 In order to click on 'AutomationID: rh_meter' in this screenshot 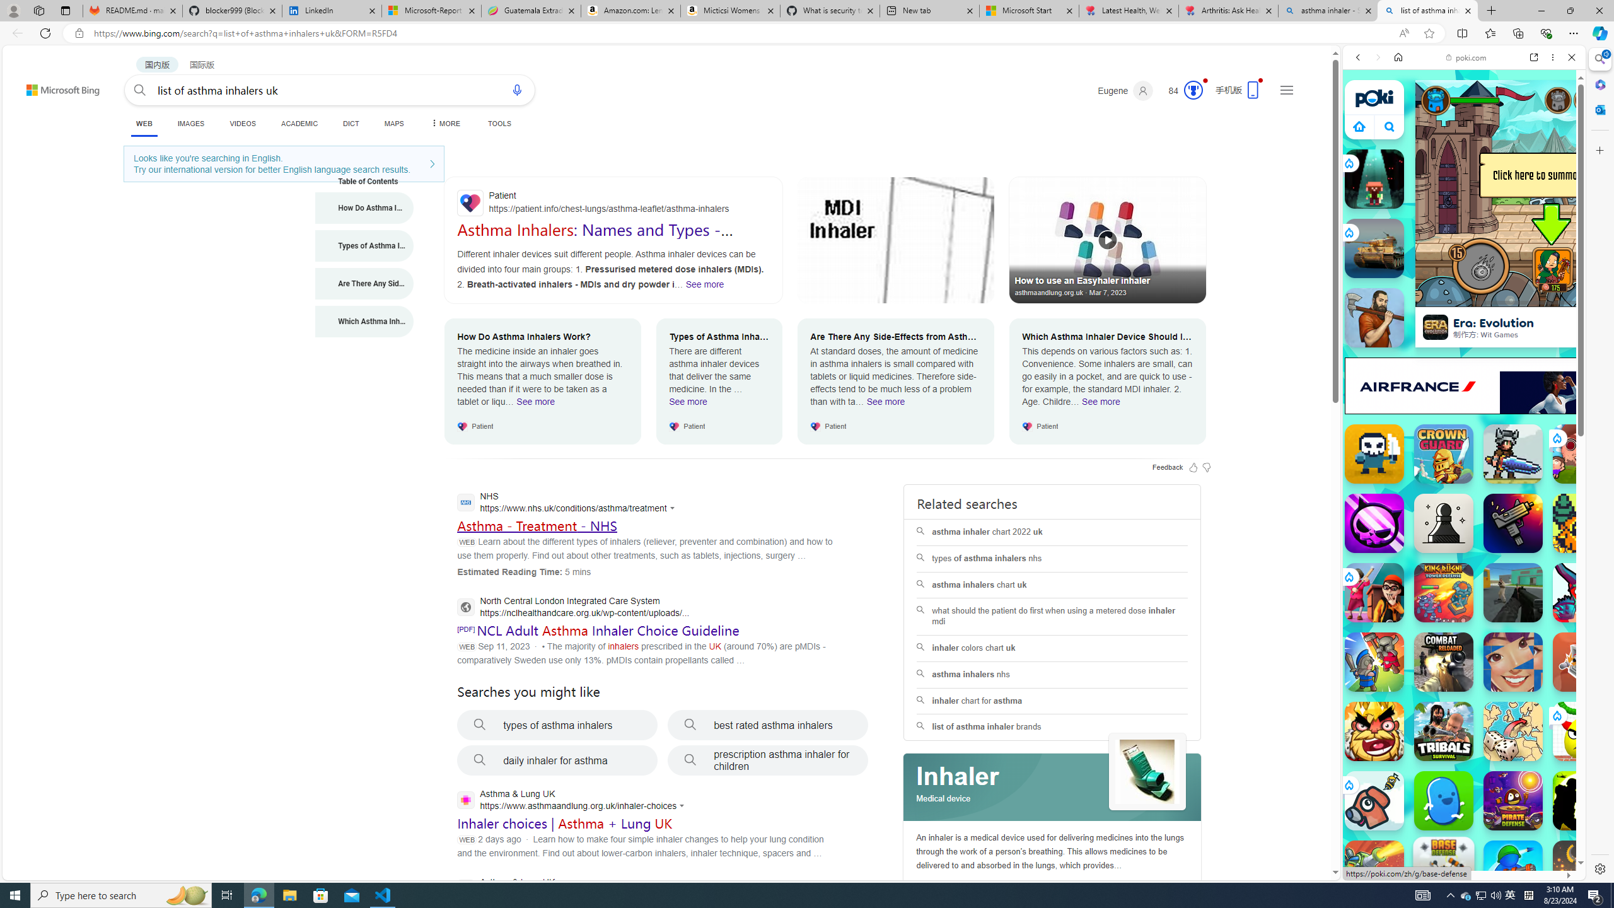, I will do `click(1193, 89)`.